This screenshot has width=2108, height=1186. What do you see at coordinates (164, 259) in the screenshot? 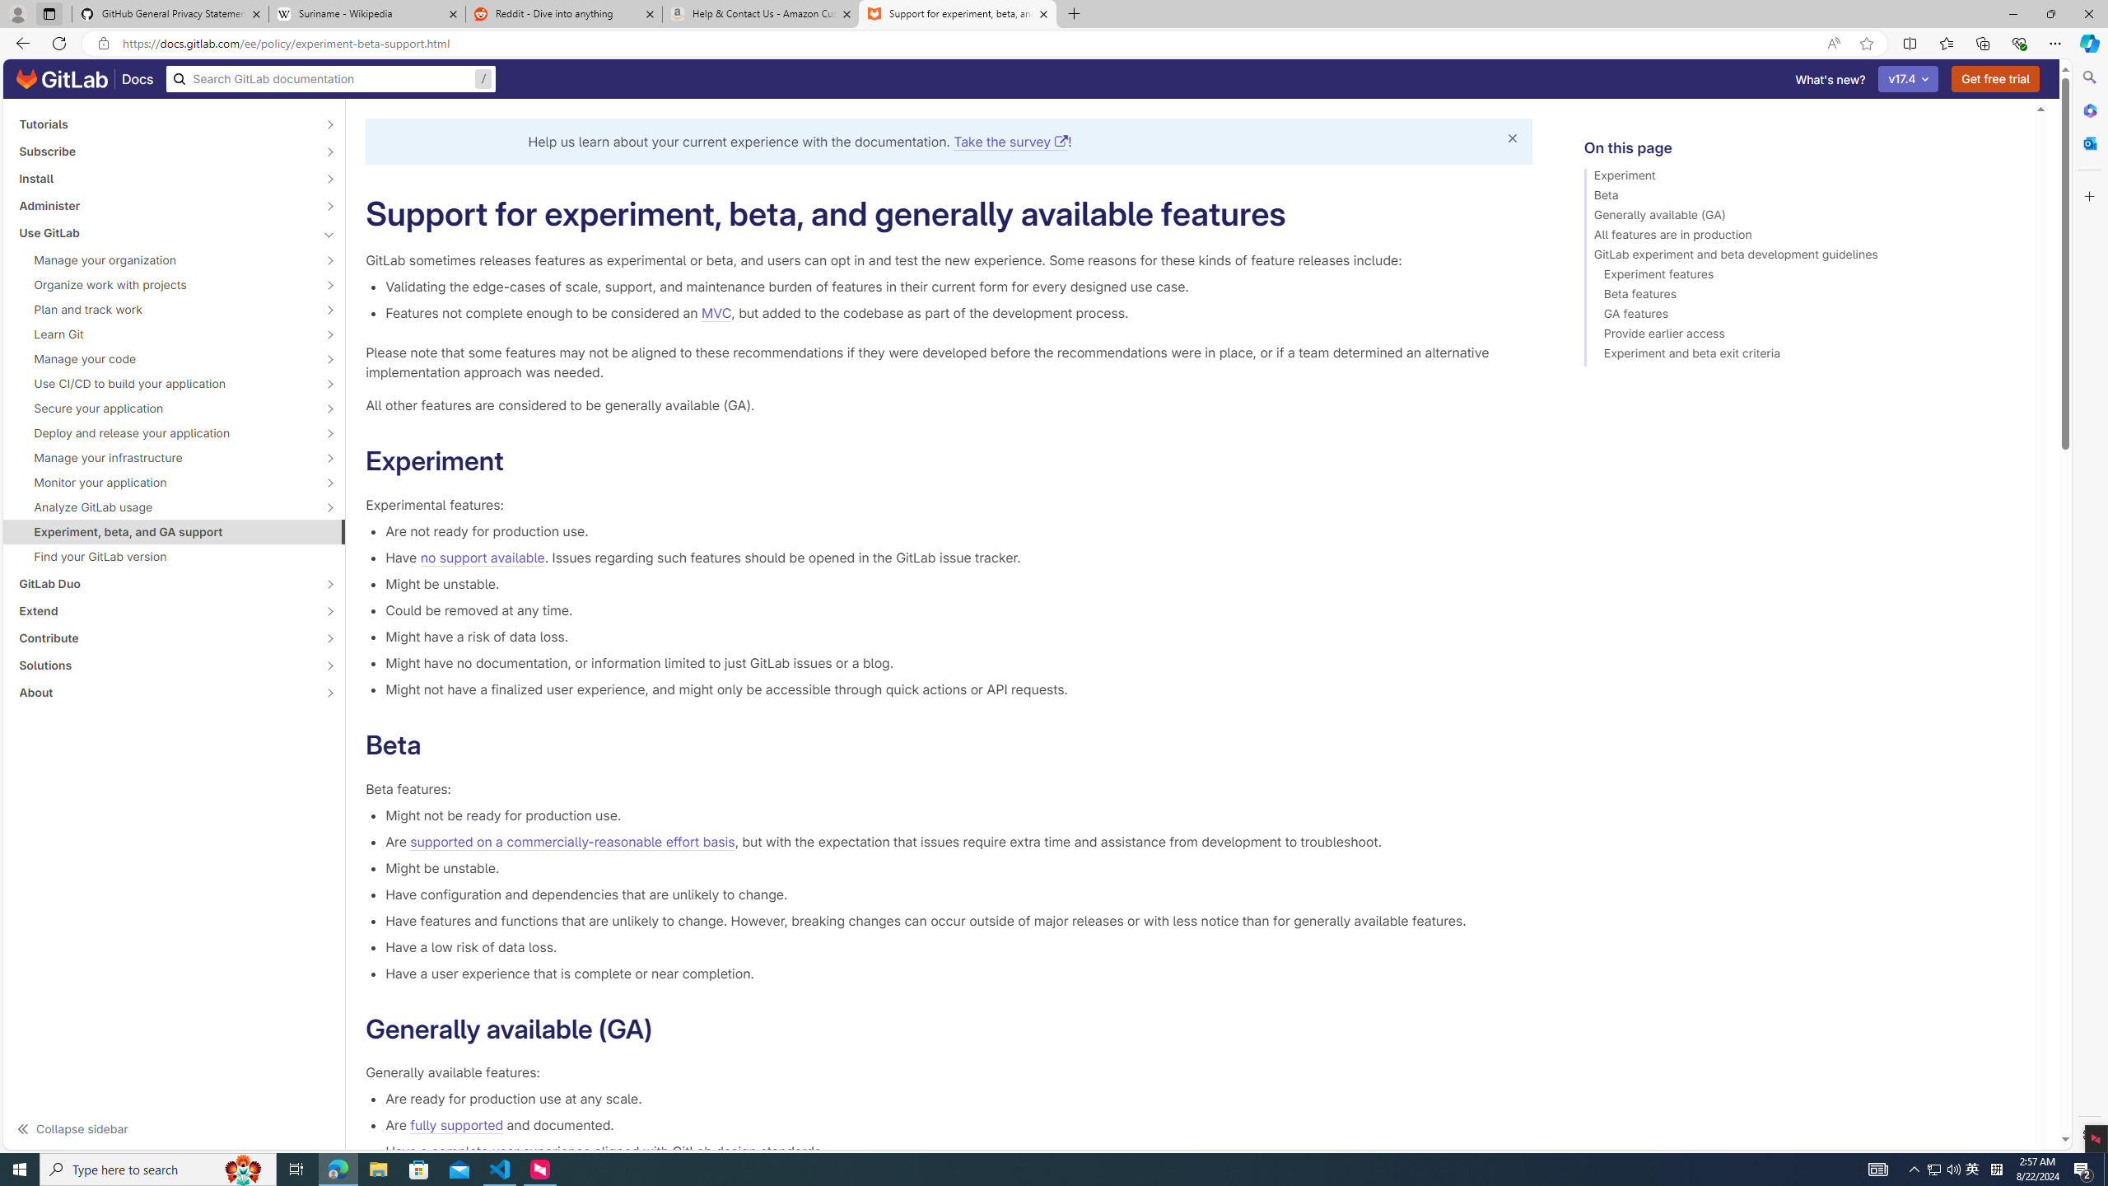
I see `'Manage your organization'` at bounding box center [164, 259].